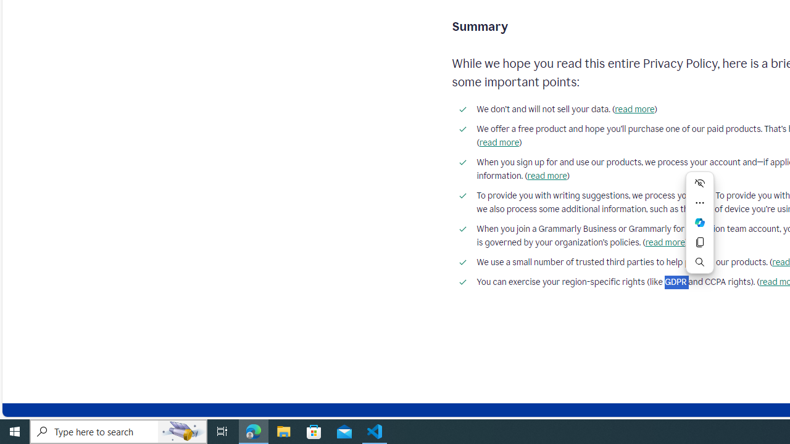 The width and height of the screenshot is (790, 444). I want to click on 'Mini menu on text selection', so click(700, 229).